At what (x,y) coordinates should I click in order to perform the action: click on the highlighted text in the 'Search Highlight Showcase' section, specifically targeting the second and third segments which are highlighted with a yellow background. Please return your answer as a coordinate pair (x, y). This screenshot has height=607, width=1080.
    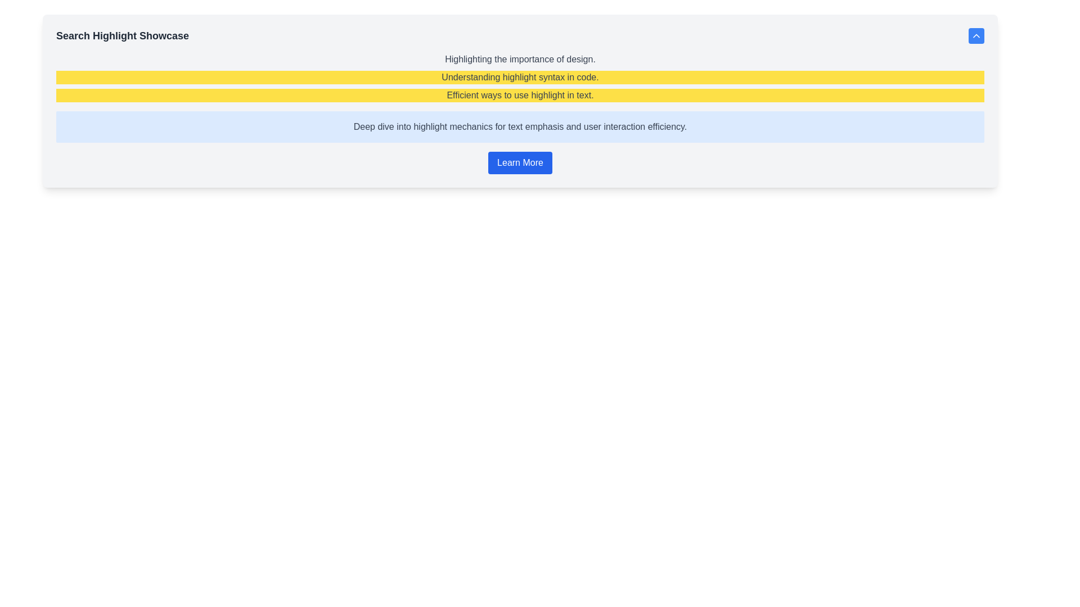
    Looking at the image, I should click on (520, 77).